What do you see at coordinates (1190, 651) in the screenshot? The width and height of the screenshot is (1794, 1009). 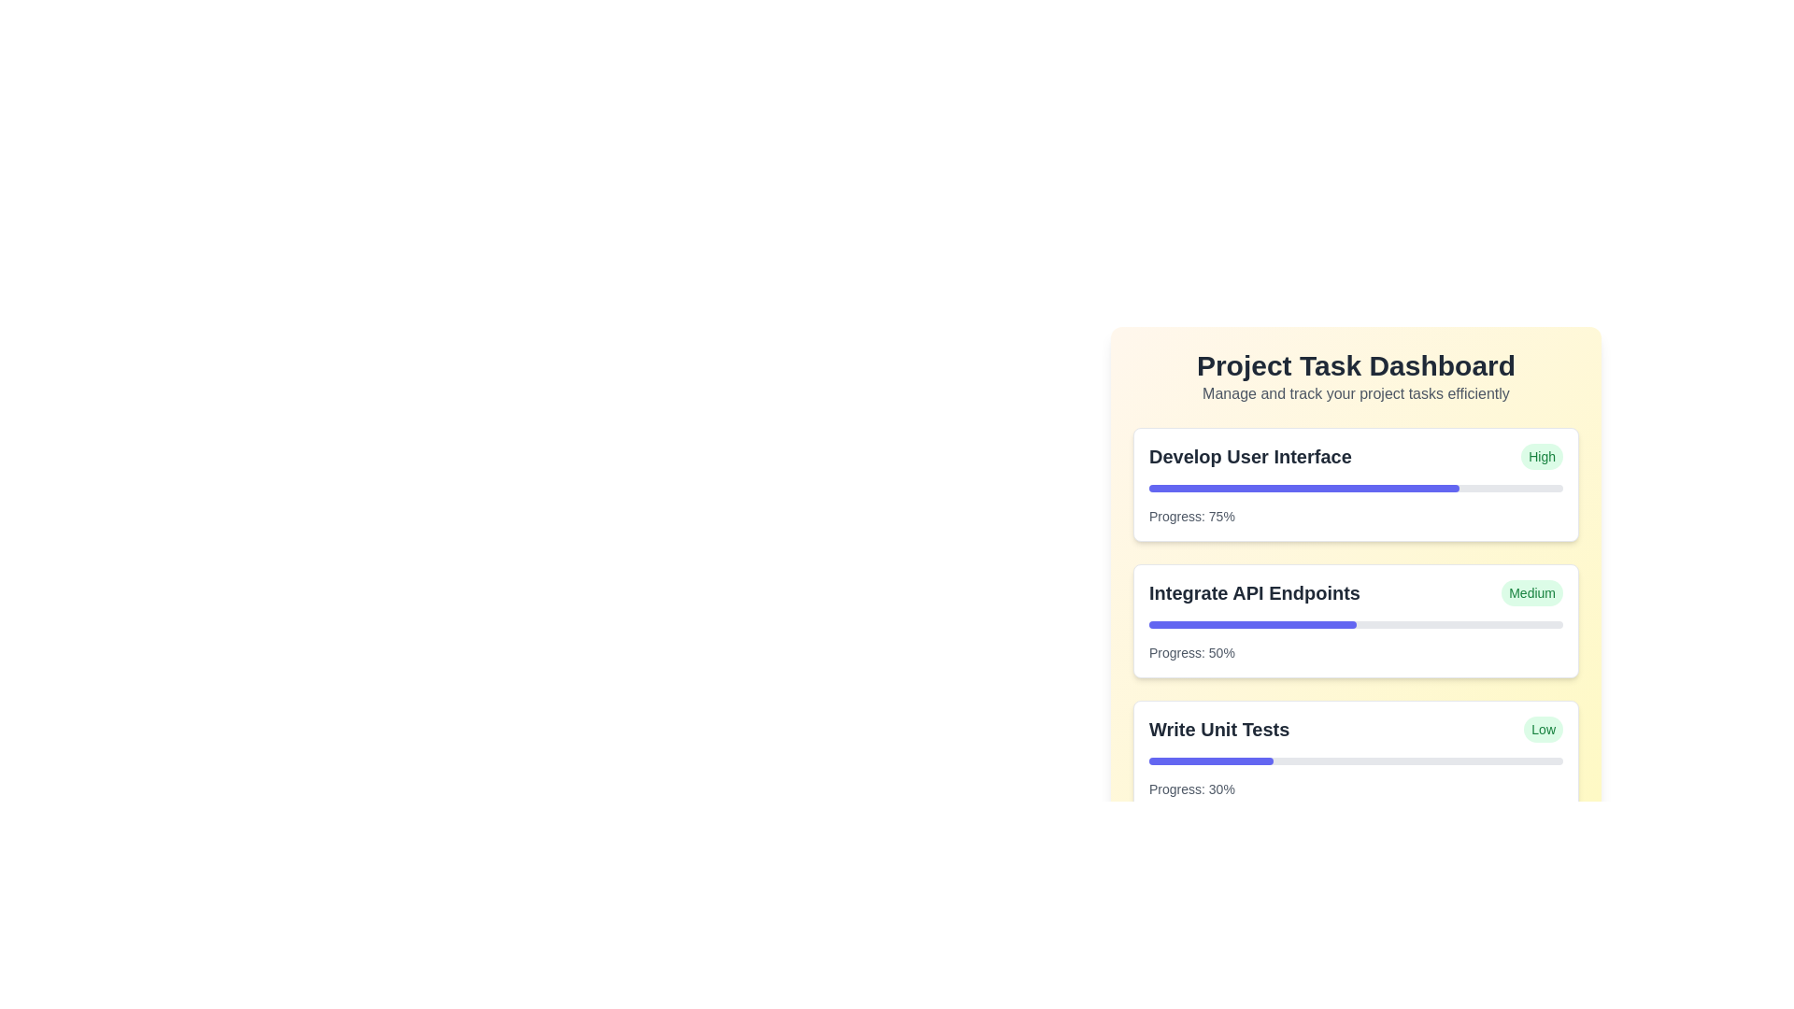 I see `the Static Text Label displaying 'Progress: 50%' located within the 'Integrate API Endpoints' task card, positioned below the progress bar` at bounding box center [1190, 651].